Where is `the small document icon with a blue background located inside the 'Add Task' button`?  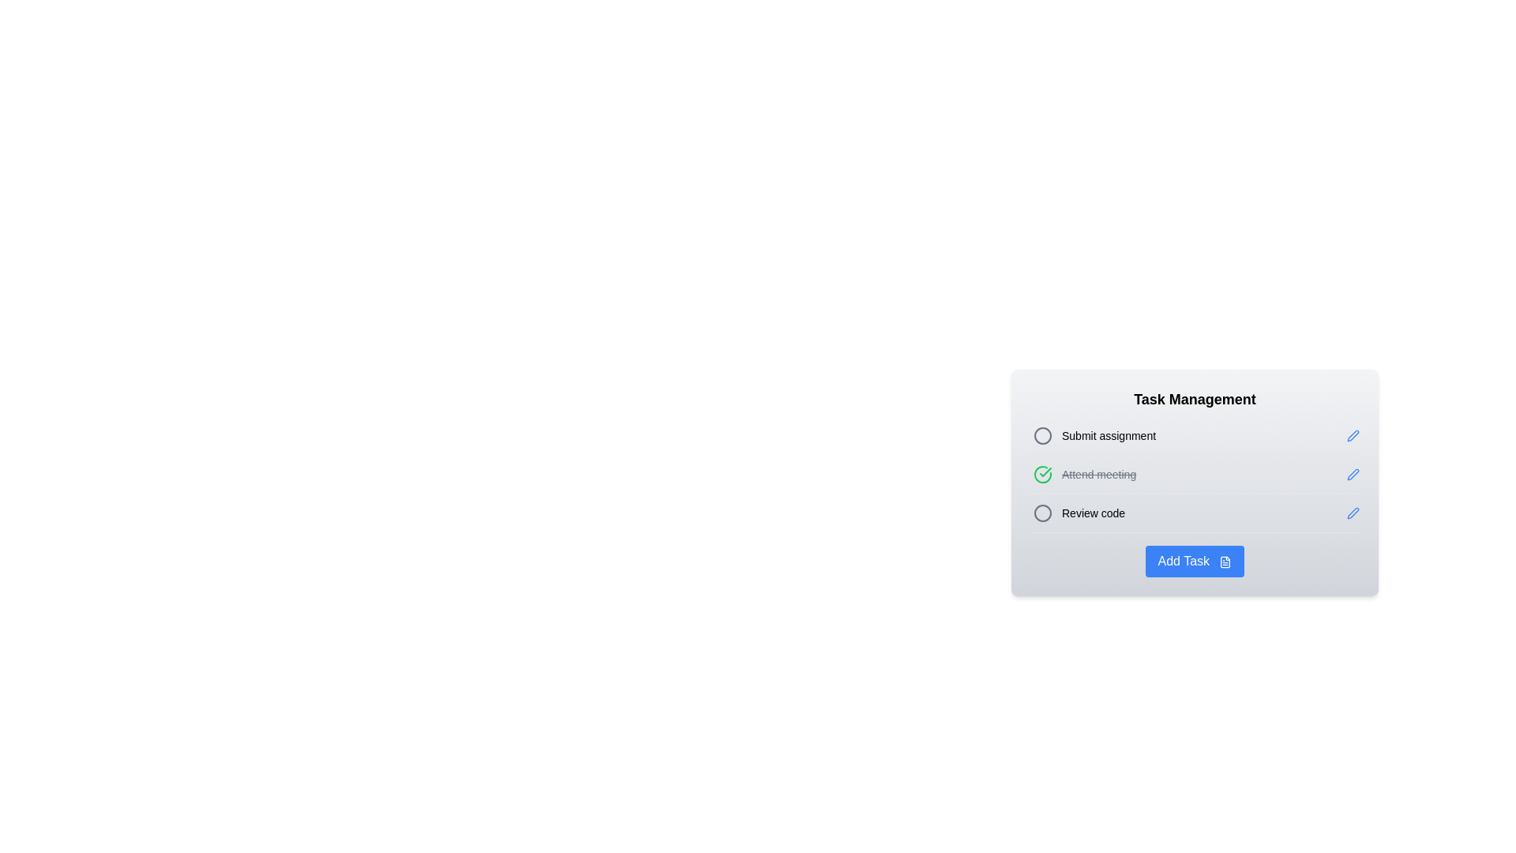
the small document icon with a blue background located inside the 'Add Task' button is located at coordinates (1225, 561).